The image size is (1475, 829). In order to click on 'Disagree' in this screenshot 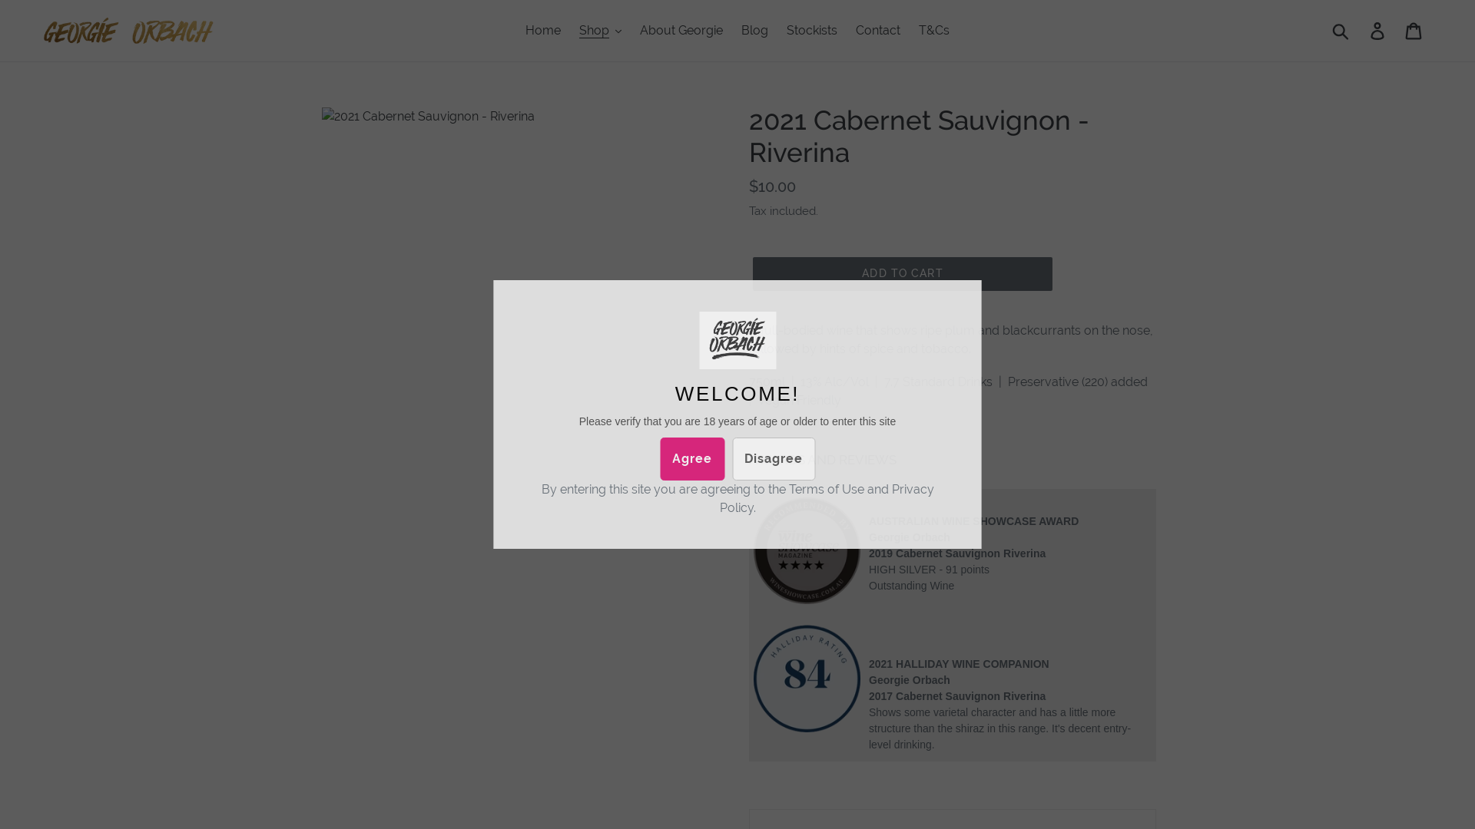, I will do `click(774, 457)`.